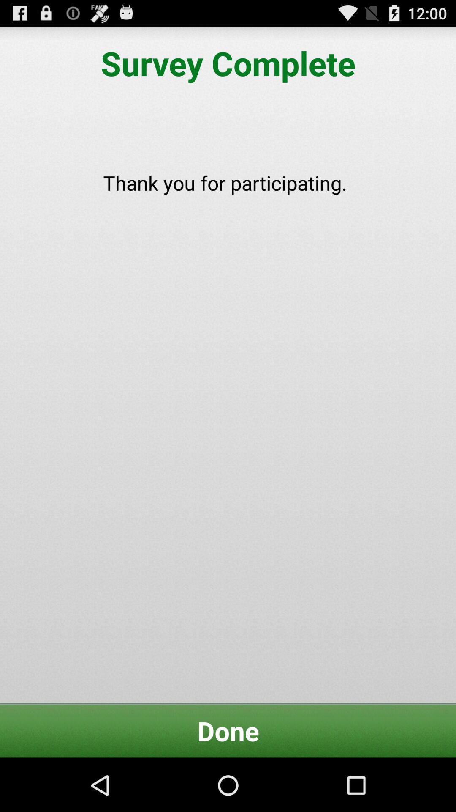  Describe the element at coordinates (228, 730) in the screenshot. I see `done at the bottom` at that location.